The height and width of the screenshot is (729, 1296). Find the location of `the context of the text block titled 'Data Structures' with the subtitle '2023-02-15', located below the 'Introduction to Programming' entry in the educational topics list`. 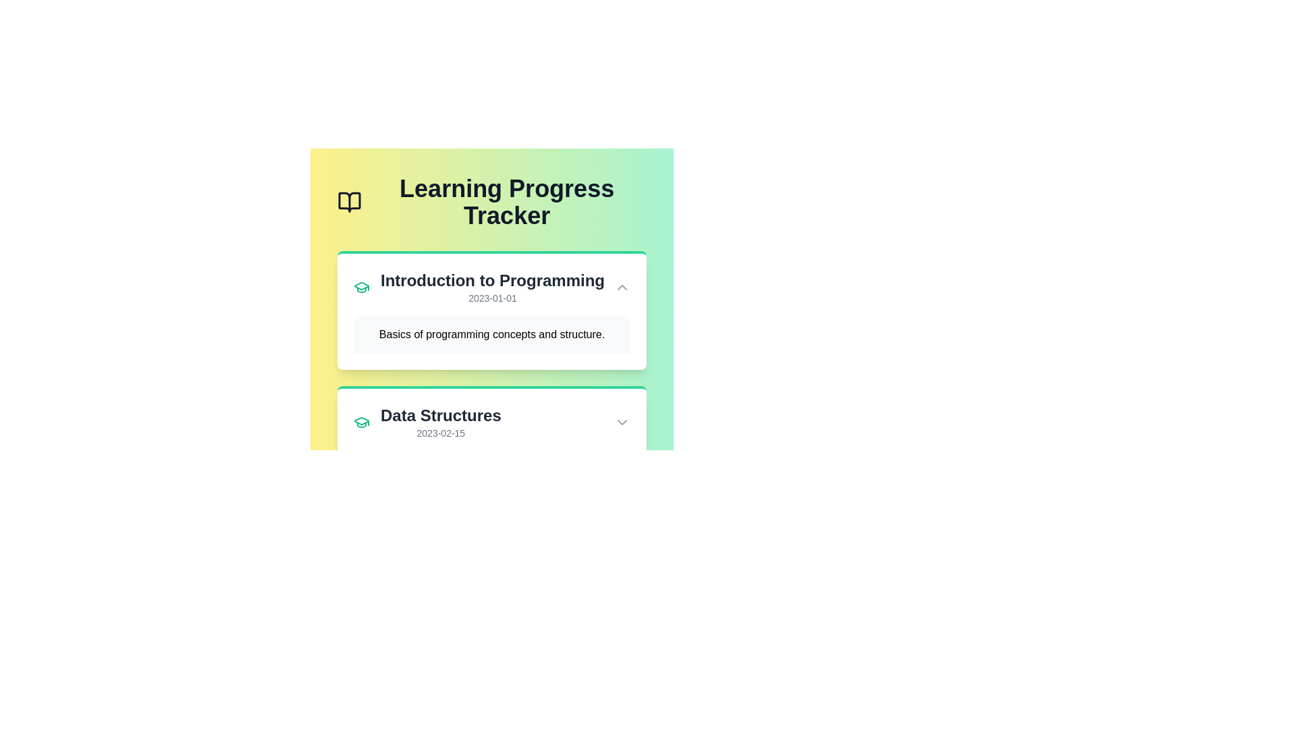

the context of the text block titled 'Data Structures' with the subtitle '2023-02-15', located below the 'Introduction to Programming' entry in the educational topics list is located at coordinates (441, 421).